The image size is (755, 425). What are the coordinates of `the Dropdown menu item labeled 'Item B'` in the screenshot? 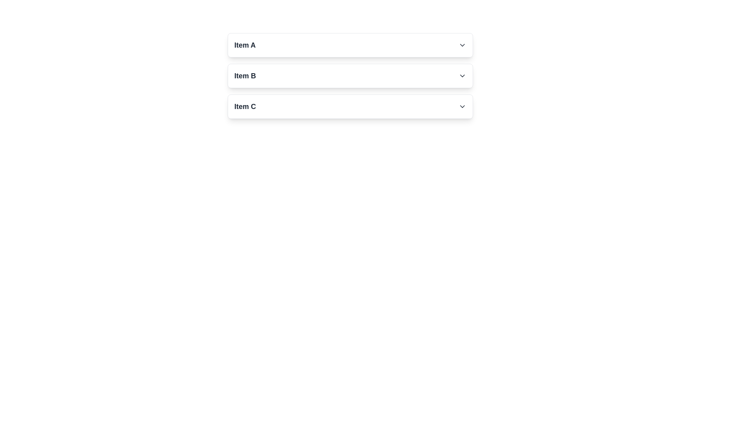 It's located at (350, 76).